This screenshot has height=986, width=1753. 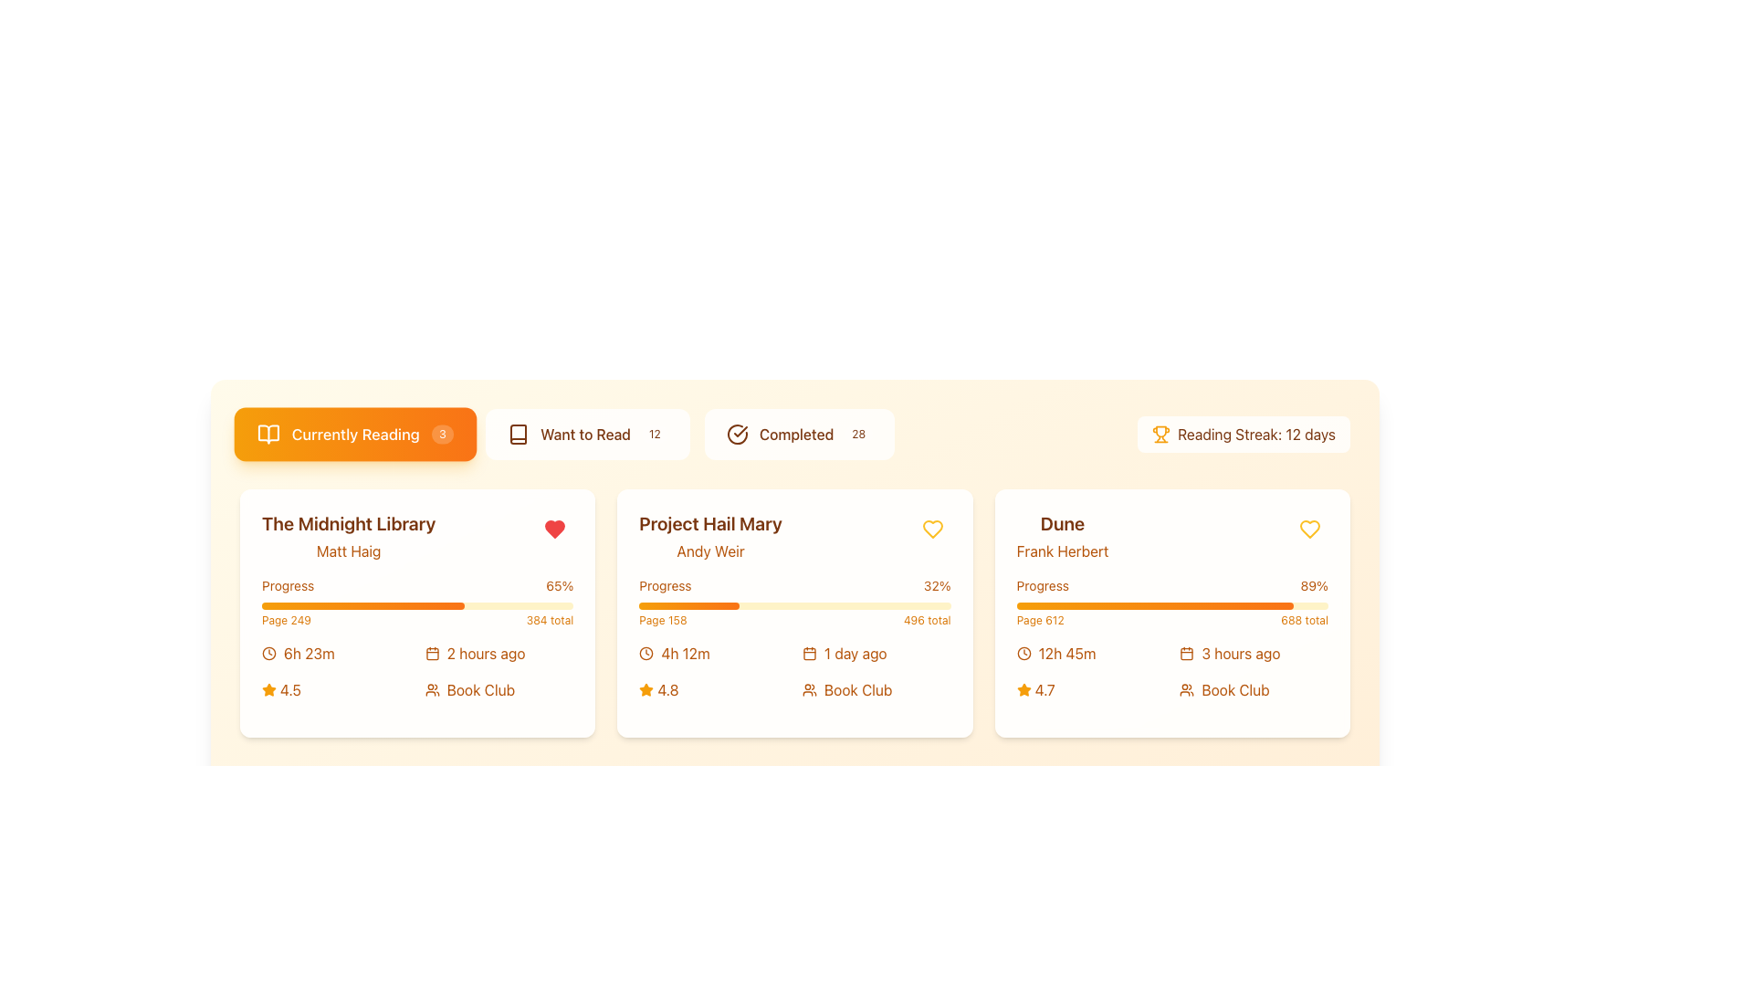 What do you see at coordinates (268, 653) in the screenshot?
I see `the visual representation of the small clock face icon, which is styled with thin lines and appears in a shade of amber, located to the left of the text '6h 23m' under the progress bar of the first book card` at bounding box center [268, 653].